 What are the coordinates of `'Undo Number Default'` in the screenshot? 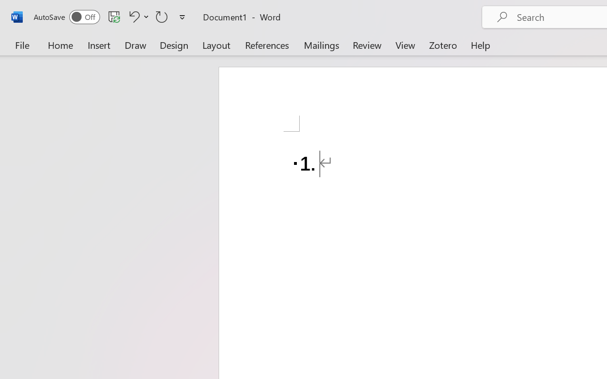 It's located at (132, 16).